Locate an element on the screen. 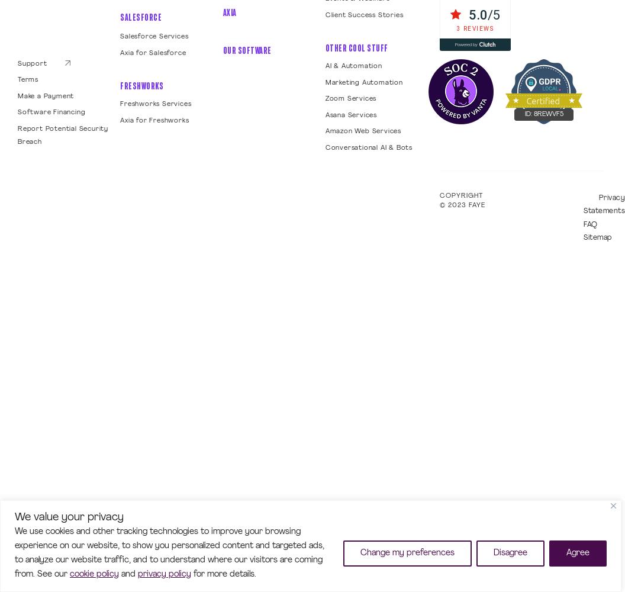 Image resolution: width=625 pixels, height=592 pixels. 'We use cookies and other tracking technologies to improve your browsing experience on our website, to show you personalized content and targeted ads, to analyze our website traffic, and to understand where our visitors are coming from. See our' is located at coordinates (169, 552).